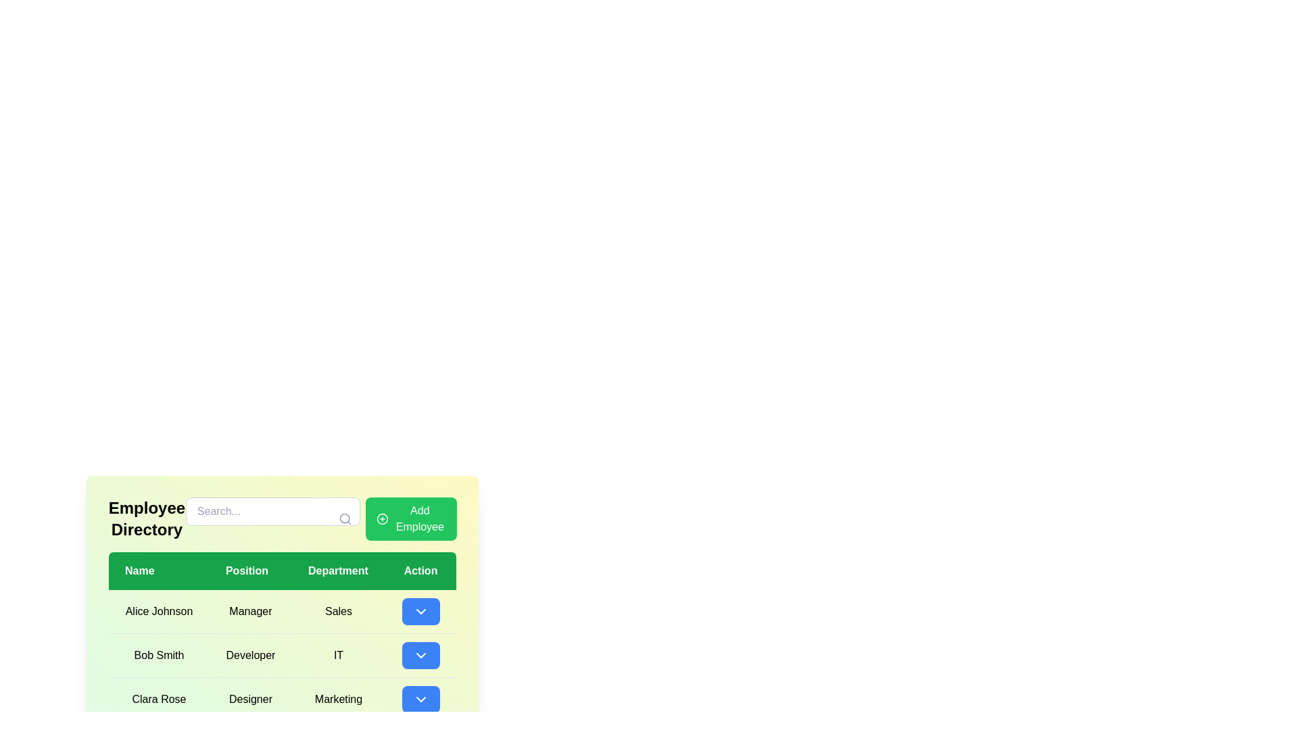  I want to click on the search icon located to the right of the 'Search...' placeholder text in the search bar, so click(345, 518).